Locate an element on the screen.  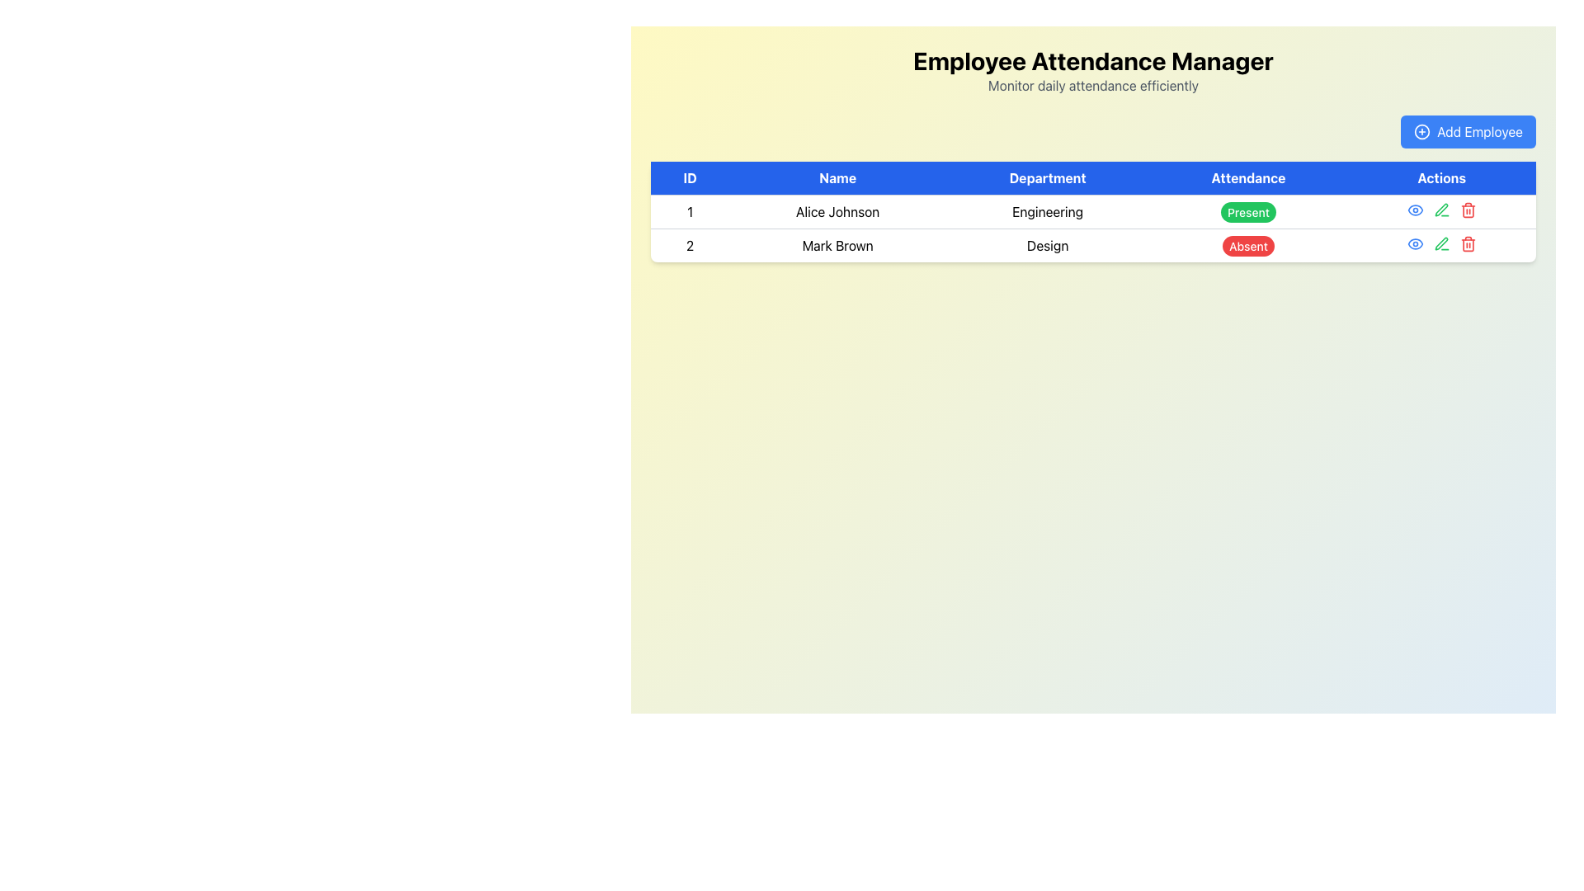
the 'Present' button indicating the attendance status for Alice Johnson, located in the fourth column of the first data row, between the 'Engineering' and 'Actions' cells is located at coordinates (1248, 211).